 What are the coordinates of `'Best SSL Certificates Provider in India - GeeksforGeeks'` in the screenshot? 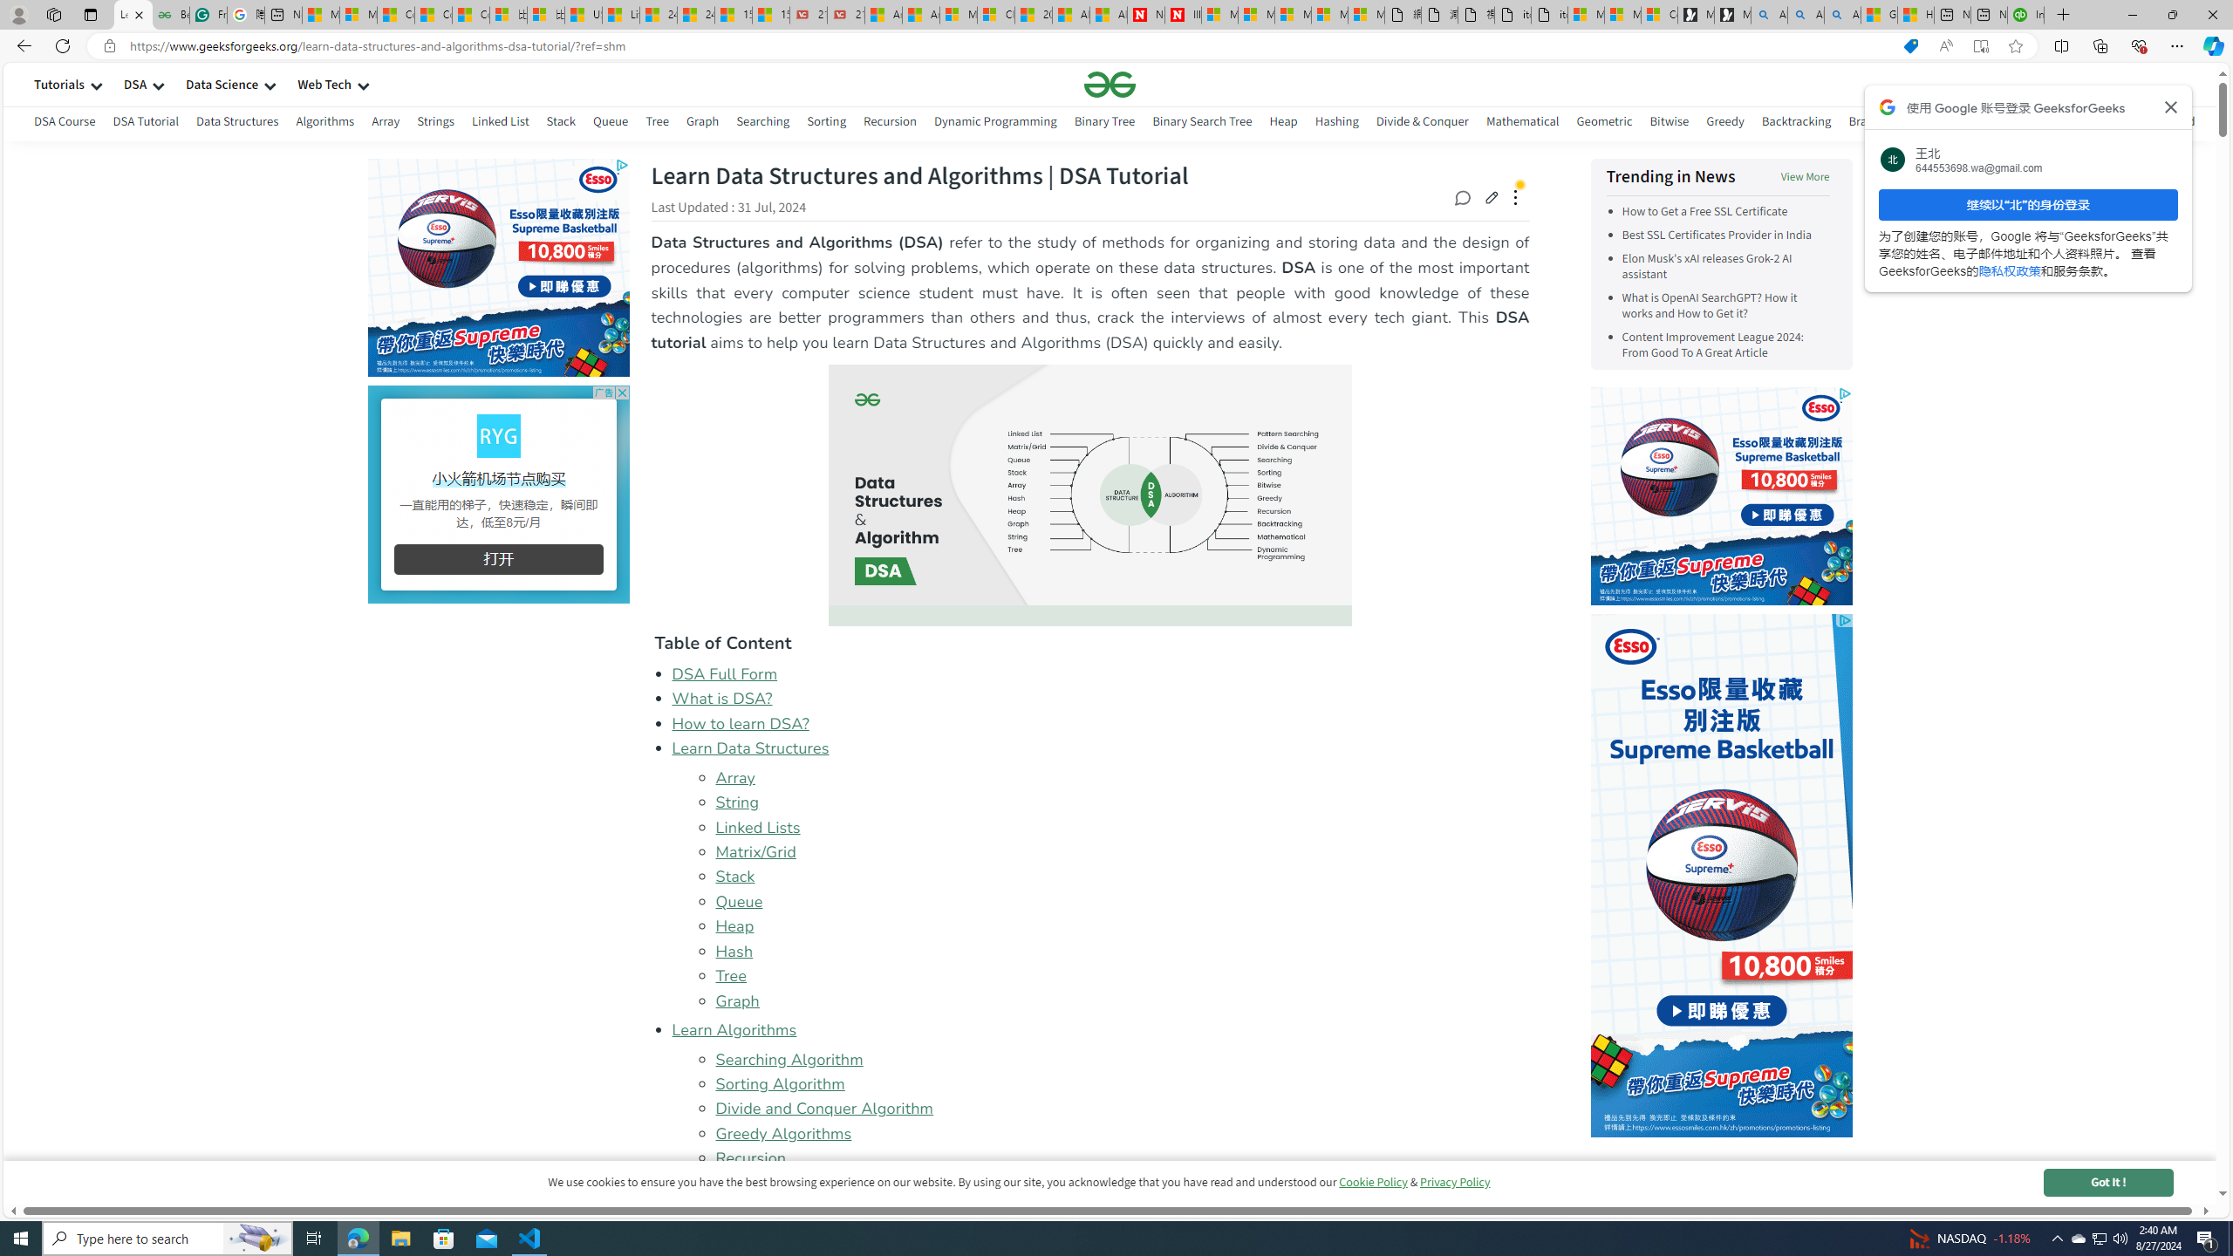 It's located at (170, 14).